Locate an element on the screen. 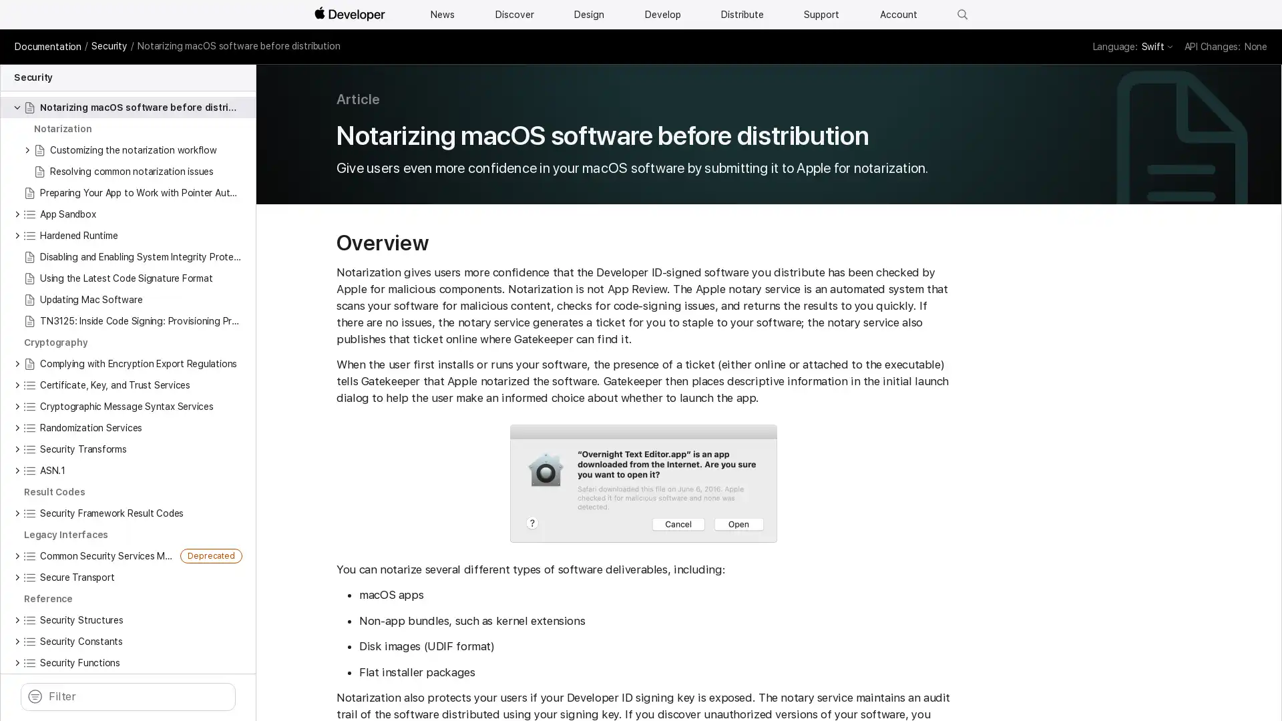 The height and width of the screenshot is (721, 1282). Security Data Types is located at coordinates (15, 692).